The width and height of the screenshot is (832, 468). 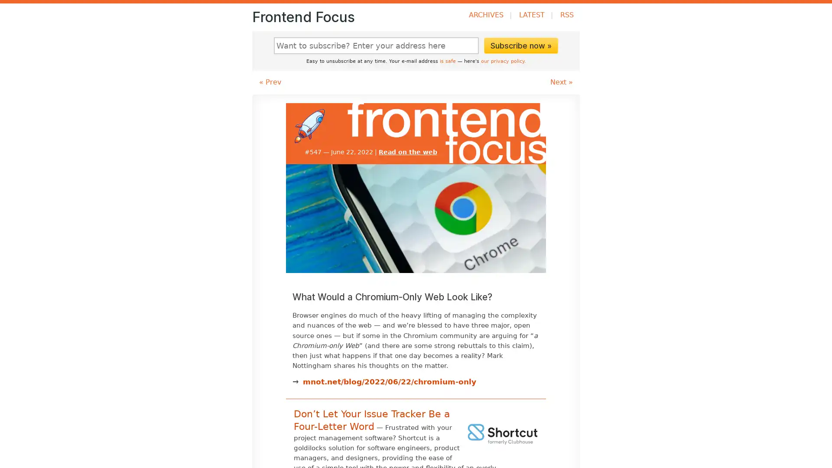 I want to click on Subscribe now, so click(x=520, y=45).